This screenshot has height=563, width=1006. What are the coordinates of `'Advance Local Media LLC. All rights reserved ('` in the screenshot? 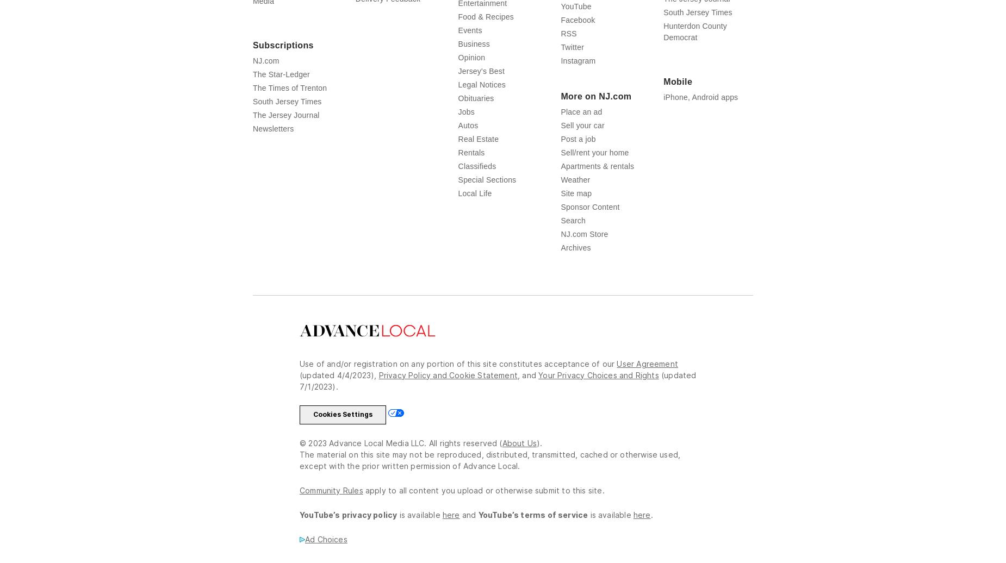 It's located at (414, 443).